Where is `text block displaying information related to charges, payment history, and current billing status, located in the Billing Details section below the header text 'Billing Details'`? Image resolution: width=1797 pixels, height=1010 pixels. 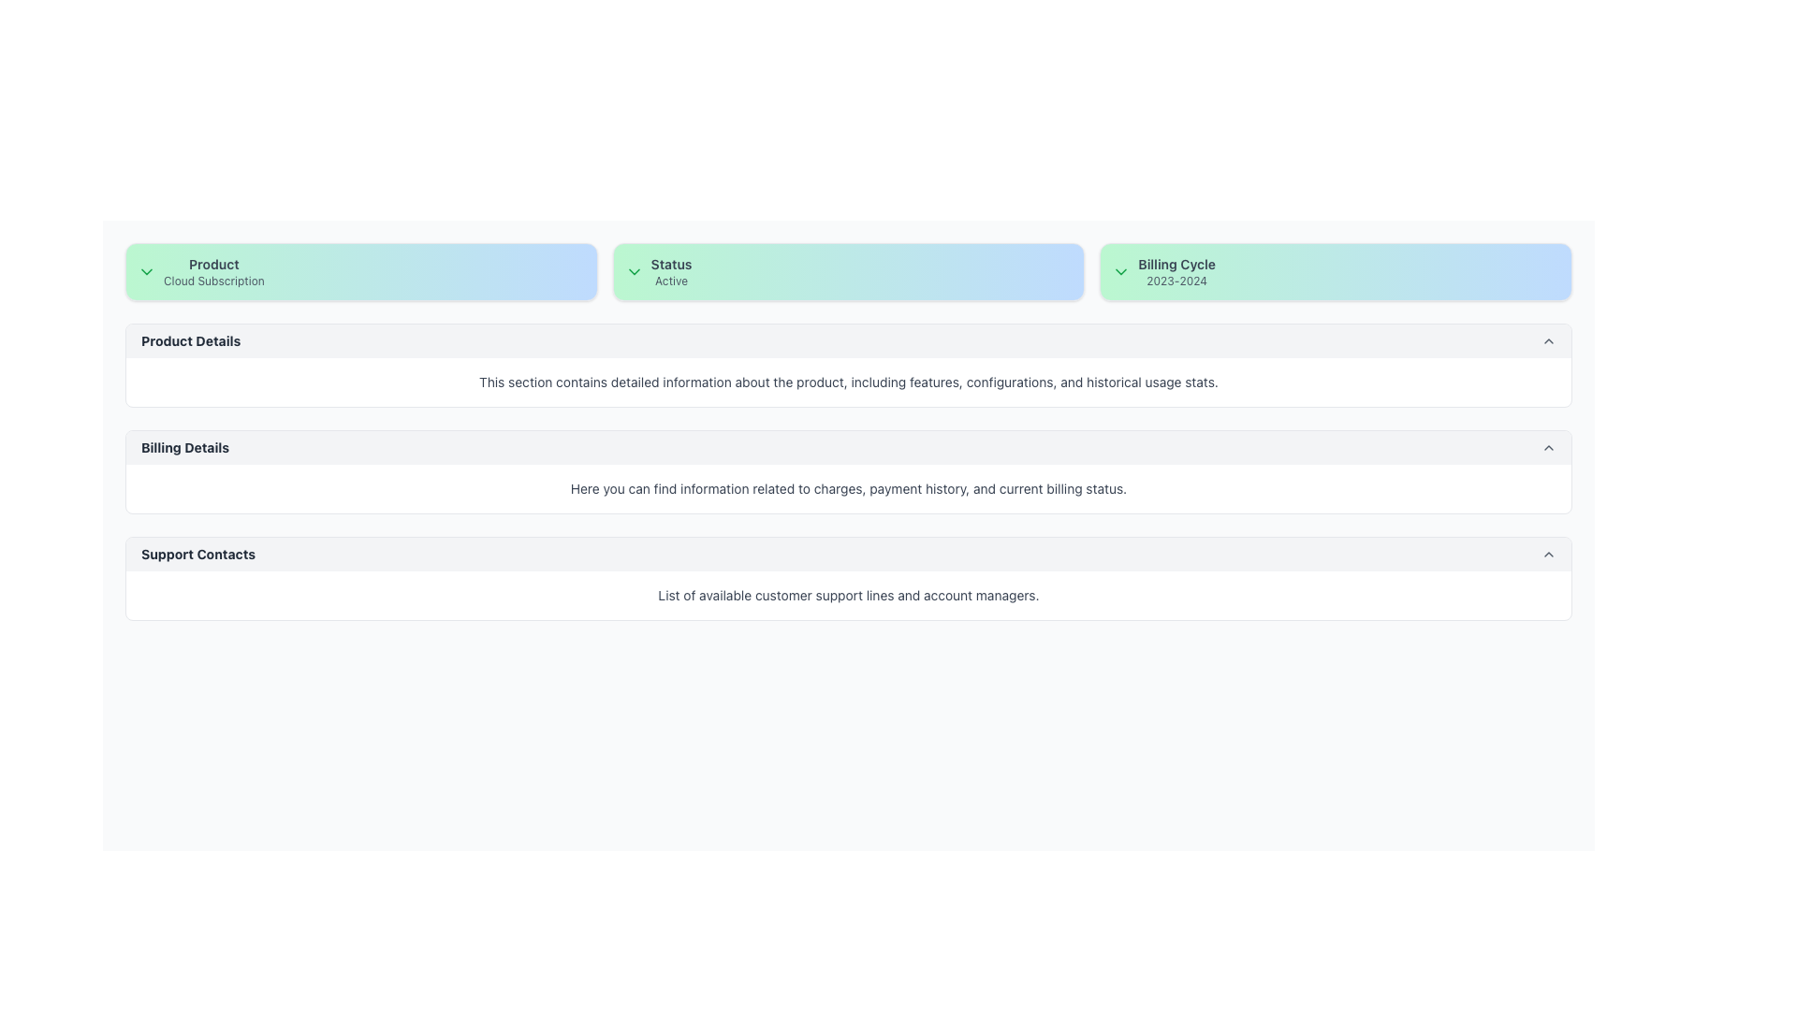 text block displaying information related to charges, payment history, and current billing status, located in the Billing Details section below the header text 'Billing Details' is located at coordinates (848, 488).